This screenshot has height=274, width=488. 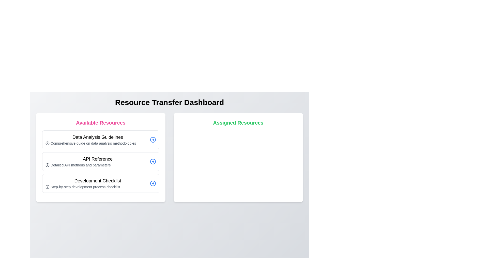 I want to click on the icon that serves as a visual marker for the 'API Reference' resource item, located before the text 'Detailed API methods and parameters' in the left column of the dashboard, so click(x=48, y=165).